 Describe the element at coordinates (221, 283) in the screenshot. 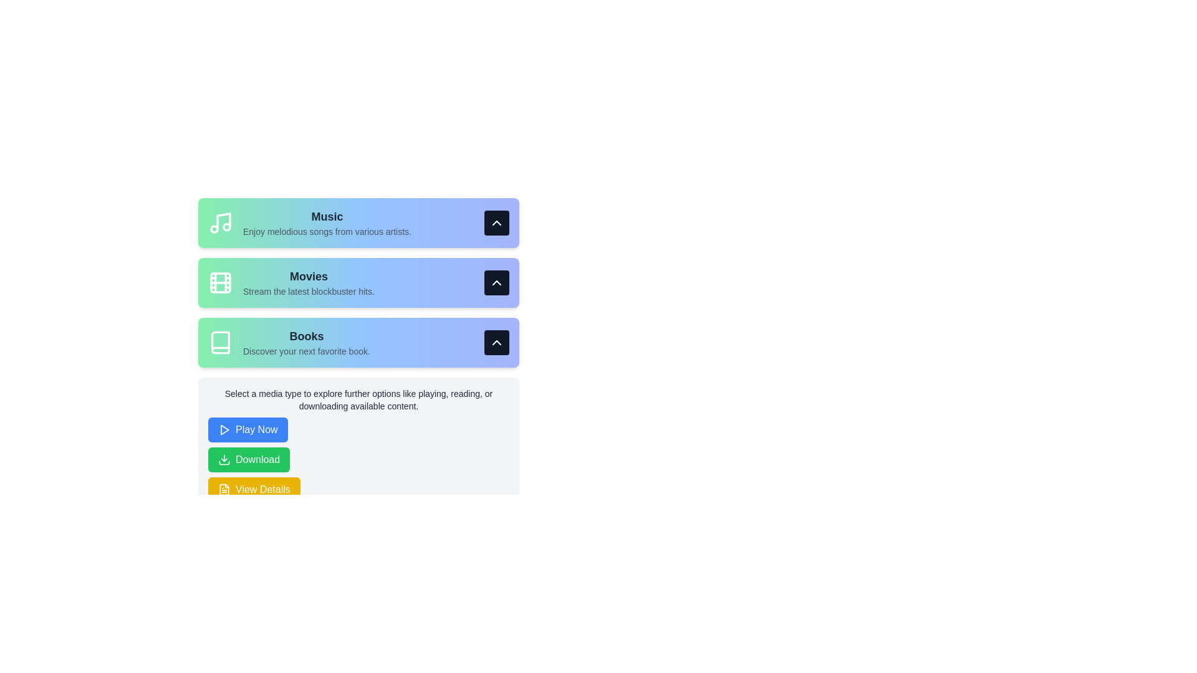

I see `the filmstrip icon, which serves as an identifier for the 'Movies' section, positioned at the left edge of the section` at that location.